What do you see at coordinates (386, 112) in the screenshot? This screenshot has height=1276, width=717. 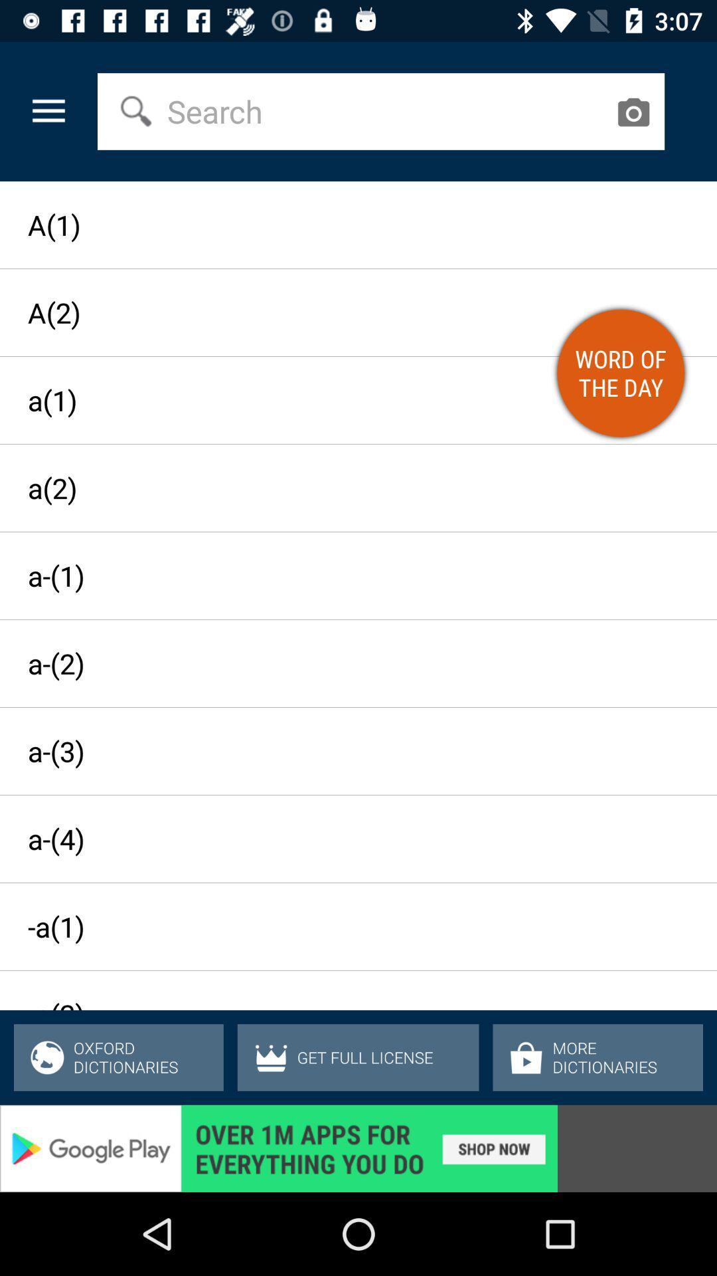 I see `the select field in the web page` at bounding box center [386, 112].